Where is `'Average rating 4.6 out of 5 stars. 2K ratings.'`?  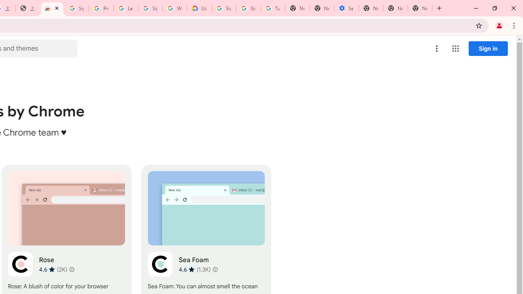
'Average rating 4.6 out of 5 stars. 2K ratings.' is located at coordinates (52, 269).